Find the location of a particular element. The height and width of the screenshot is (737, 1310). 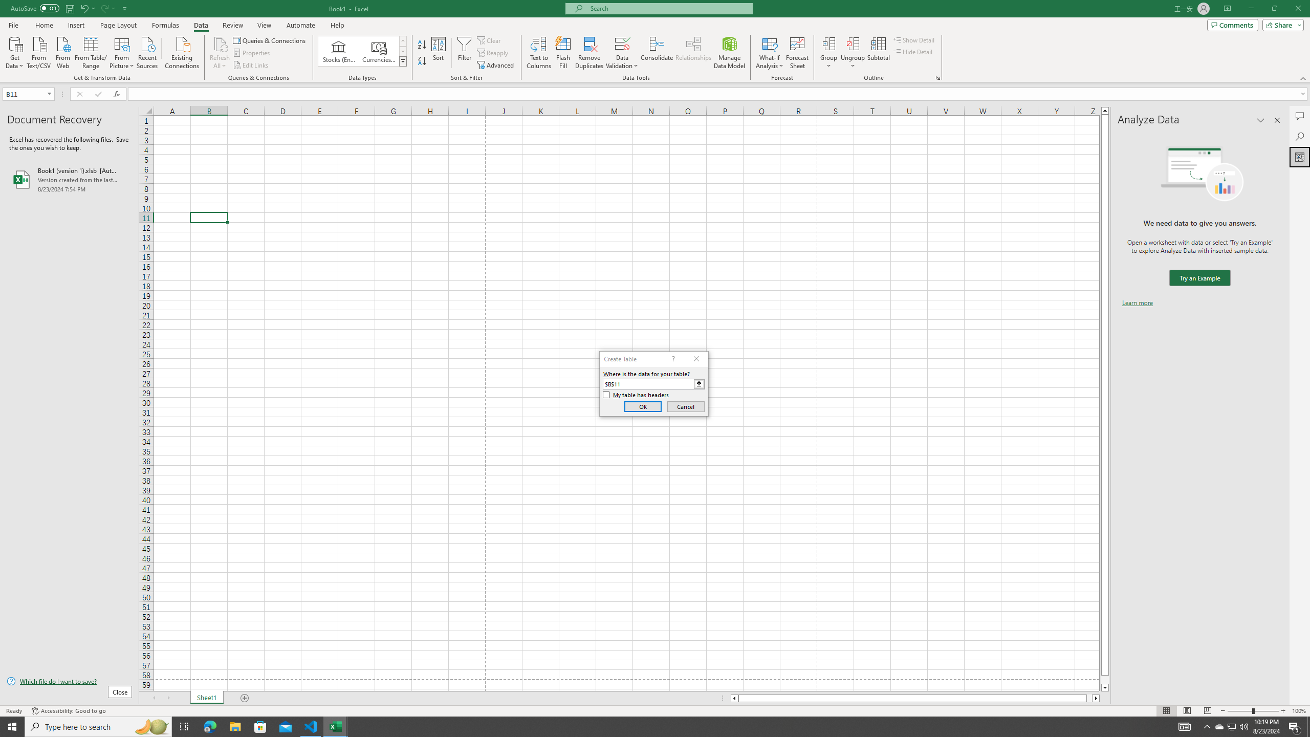

'Refresh All' is located at coordinates (220, 43).